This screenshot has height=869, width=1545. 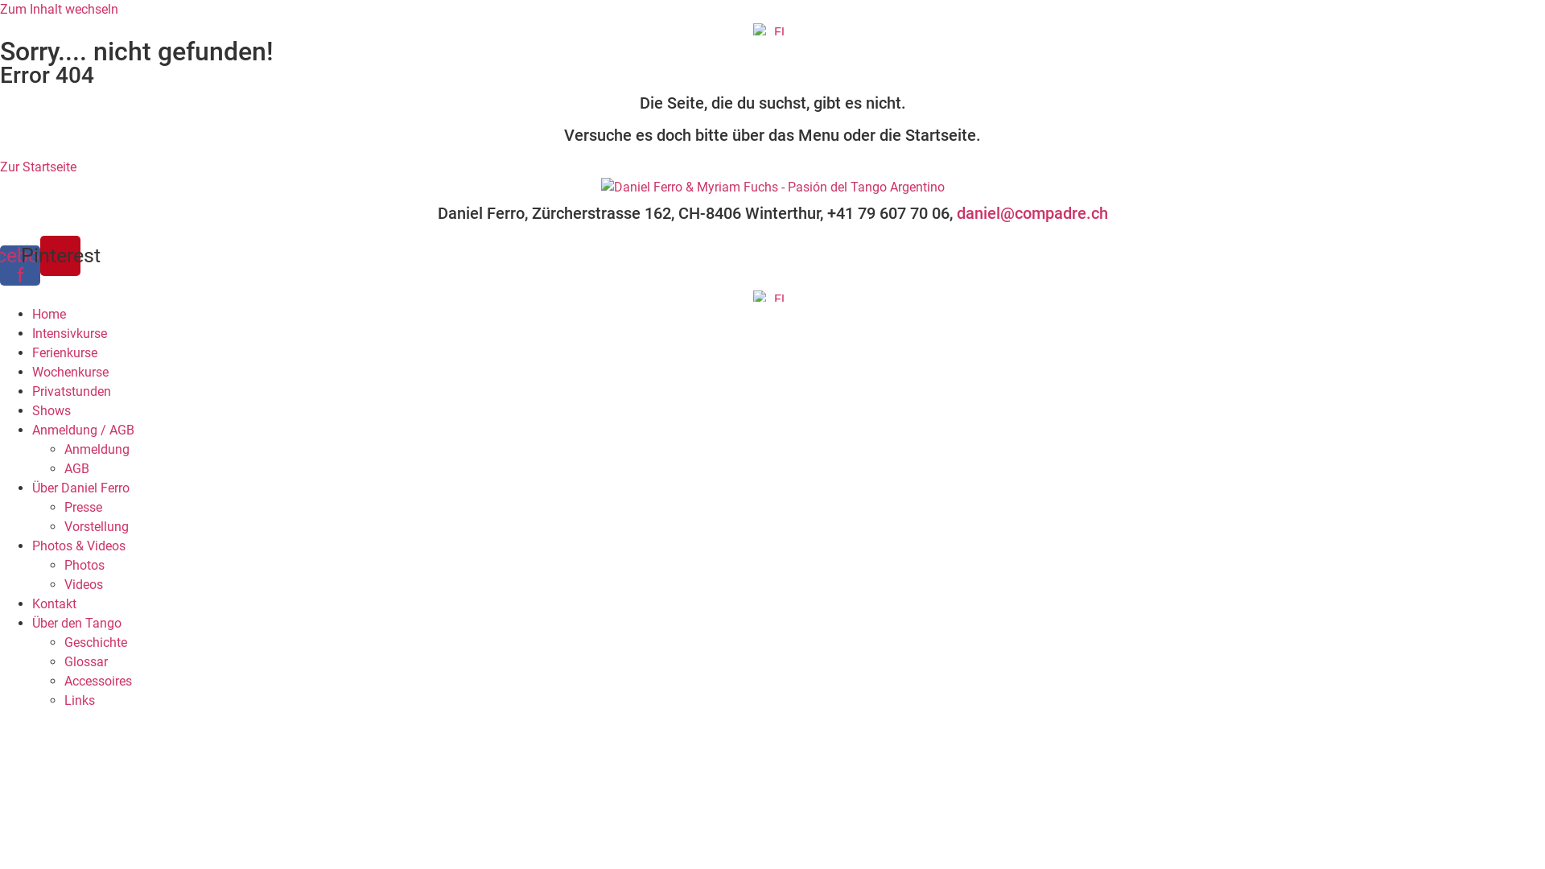 What do you see at coordinates (39, 254) in the screenshot?
I see `'Pinterest'` at bounding box center [39, 254].